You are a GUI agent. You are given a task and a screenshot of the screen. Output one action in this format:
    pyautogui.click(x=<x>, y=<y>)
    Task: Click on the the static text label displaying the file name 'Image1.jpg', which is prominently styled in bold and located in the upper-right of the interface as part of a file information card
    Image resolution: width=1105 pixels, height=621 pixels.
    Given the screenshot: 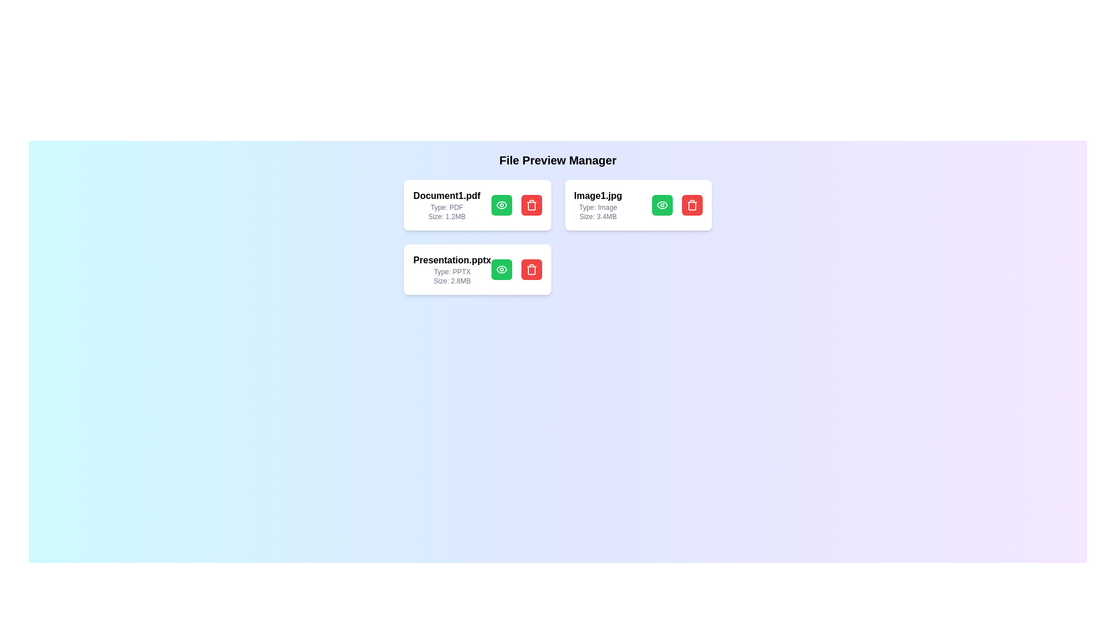 What is the action you would take?
    pyautogui.click(x=598, y=195)
    